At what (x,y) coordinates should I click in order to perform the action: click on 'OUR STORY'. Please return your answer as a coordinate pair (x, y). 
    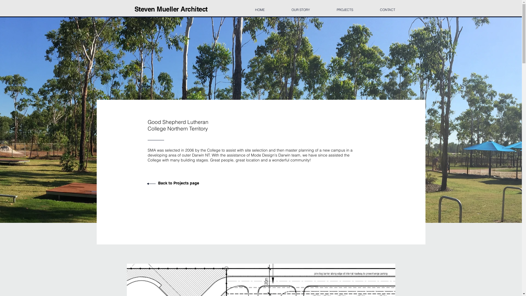
    Looking at the image, I should click on (300, 7).